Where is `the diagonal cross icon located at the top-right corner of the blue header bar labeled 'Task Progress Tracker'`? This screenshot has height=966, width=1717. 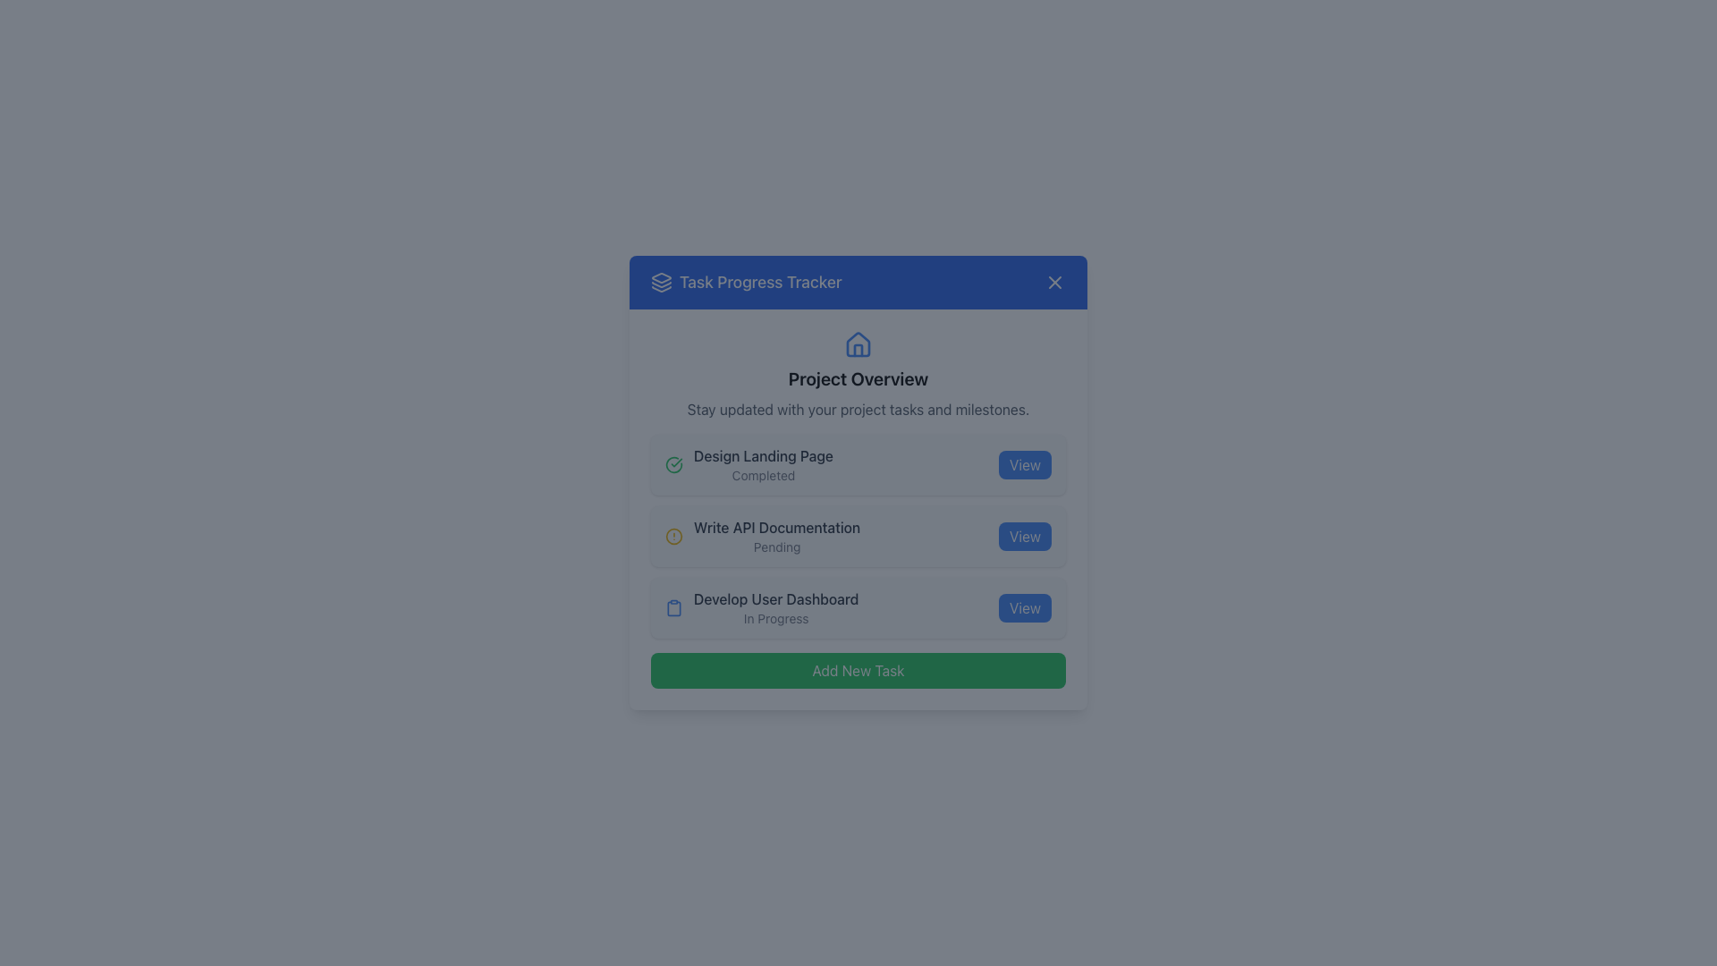
the diagonal cross icon located at the top-right corner of the blue header bar labeled 'Task Progress Tracker' is located at coordinates (1055, 282).